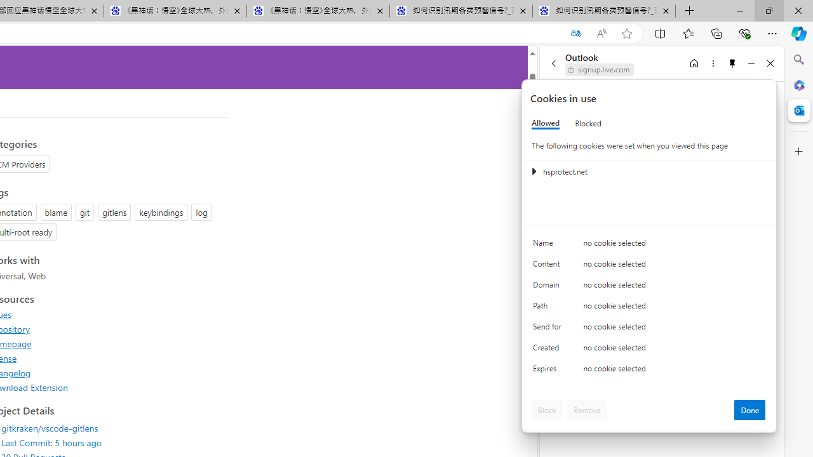 Image resolution: width=813 pixels, height=457 pixels. Describe the element at coordinates (549, 246) in the screenshot. I see `'Name'` at that location.